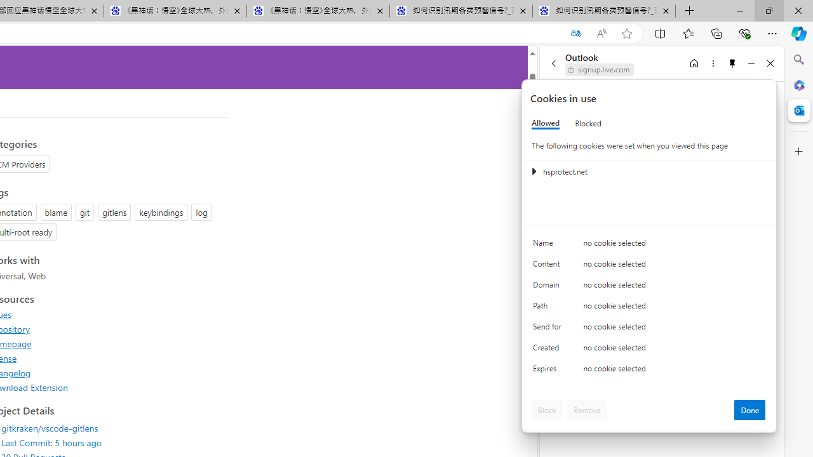 Image resolution: width=813 pixels, height=457 pixels. Describe the element at coordinates (549, 246) in the screenshot. I see `'Name'` at that location.